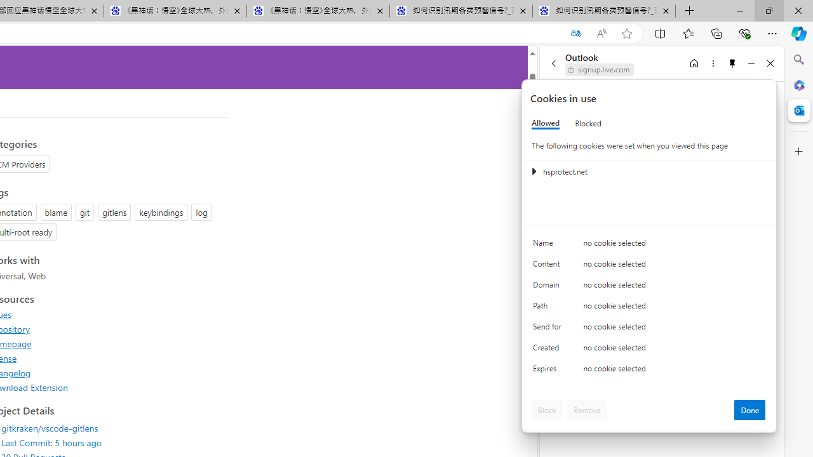 Image resolution: width=813 pixels, height=457 pixels. Describe the element at coordinates (549, 246) in the screenshot. I see `'Name'` at that location.